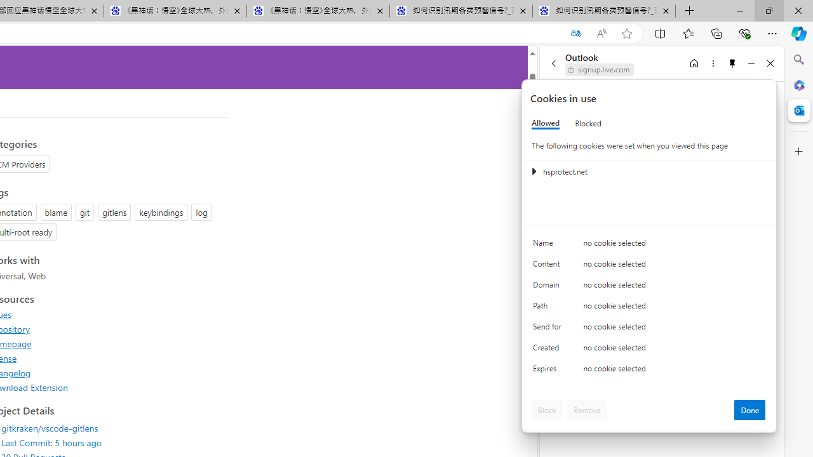 Image resolution: width=813 pixels, height=457 pixels. Describe the element at coordinates (549, 246) in the screenshot. I see `'Name'` at that location.